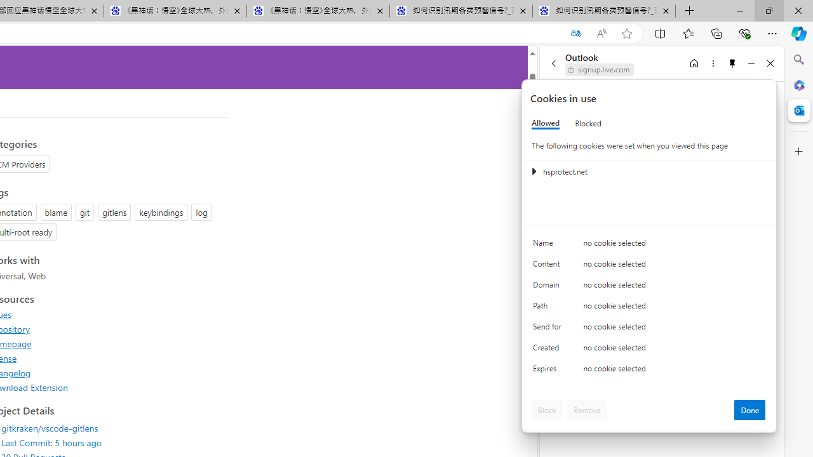 Image resolution: width=813 pixels, height=457 pixels. Describe the element at coordinates (549, 246) in the screenshot. I see `'Name'` at that location.